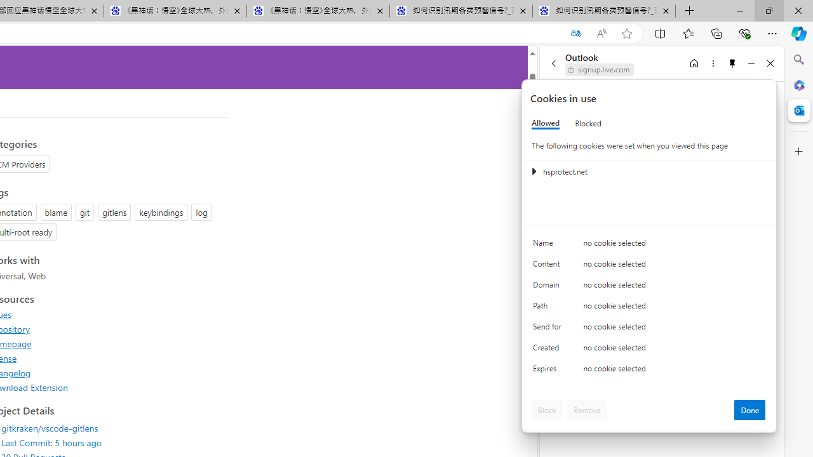 Image resolution: width=813 pixels, height=457 pixels. Describe the element at coordinates (549, 246) in the screenshot. I see `'Name'` at that location.